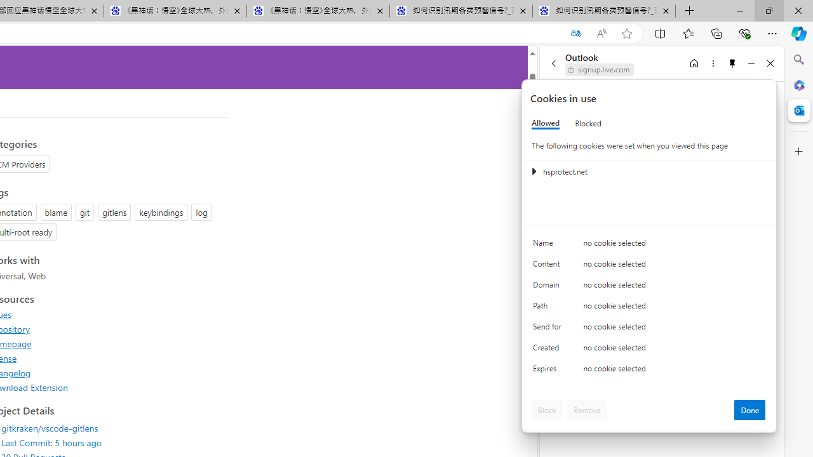 Image resolution: width=813 pixels, height=457 pixels. Describe the element at coordinates (549, 246) in the screenshot. I see `'Name'` at that location.